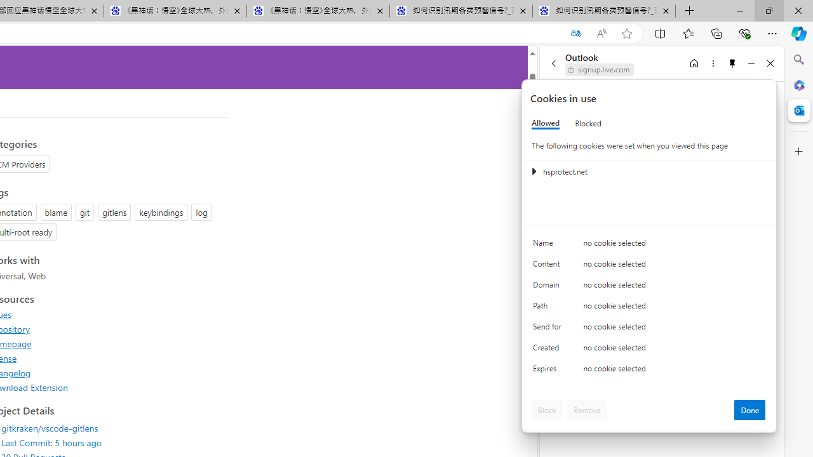 Image resolution: width=813 pixels, height=457 pixels. Describe the element at coordinates (549, 246) in the screenshot. I see `'Name'` at that location.